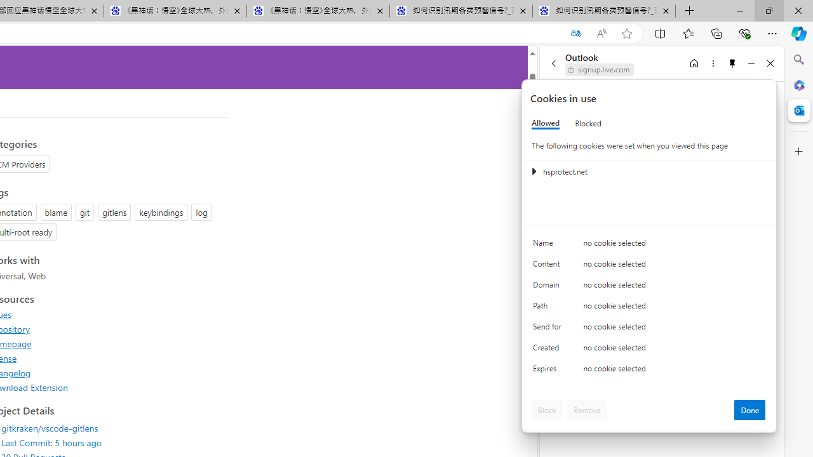 Image resolution: width=813 pixels, height=457 pixels. Describe the element at coordinates (549, 246) in the screenshot. I see `'Name'` at that location.